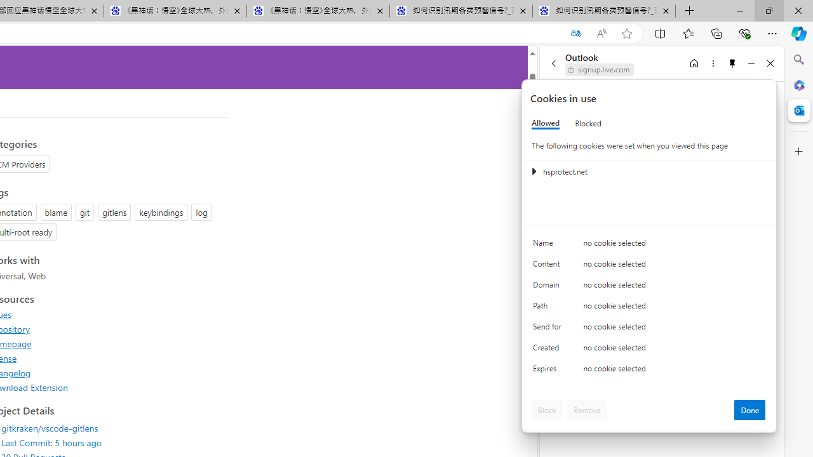 Image resolution: width=813 pixels, height=457 pixels. Describe the element at coordinates (549, 246) in the screenshot. I see `'Name'` at that location.